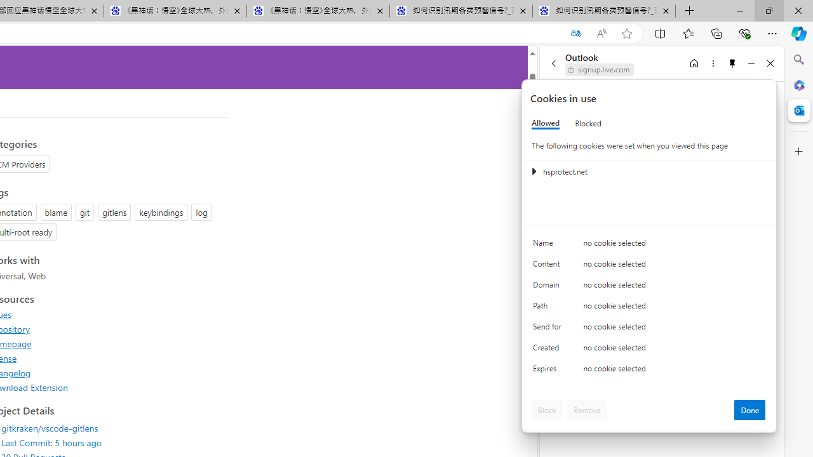 Image resolution: width=813 pixels, height=457 pixels. Describe the element at coordinates (549, 246) in the screenshot. I see `'Name'` at that location.